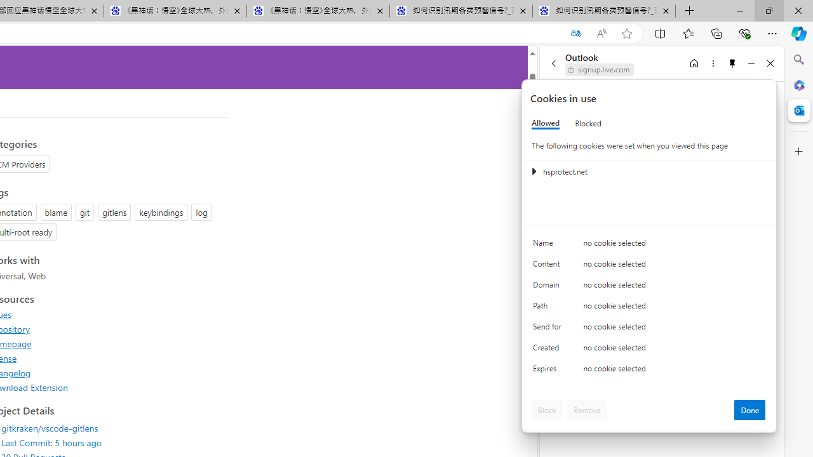 Image resolution: width=813 pixels, height=457 pixels. Describe the element at coordinates (549, 246) in the screenshot. I see `'Name'` at that location.